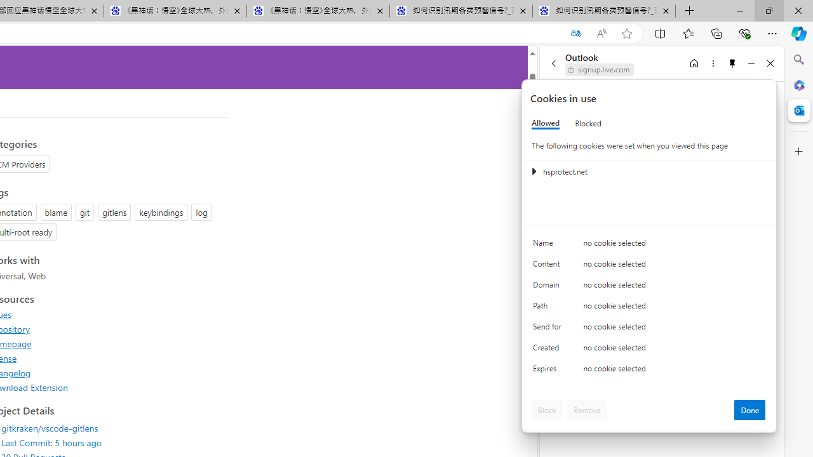 Image resolution: width=813 pixels, height=457 pixels. Describe the element at coordinates (549, 246) in the screenshot. I see `'Name'` at that location.